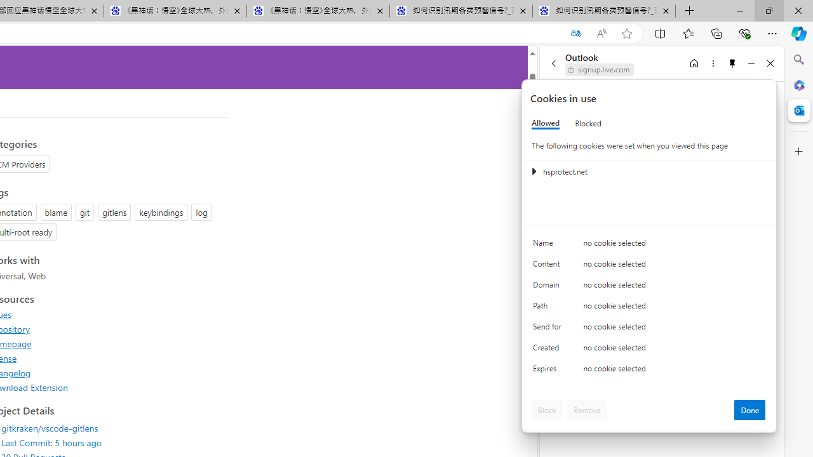 Image resolution: width=813 pixels, height=457 pixels. Describe the element at coordinates (549, 246) in the screenshot. I see `'Name'` at that location.